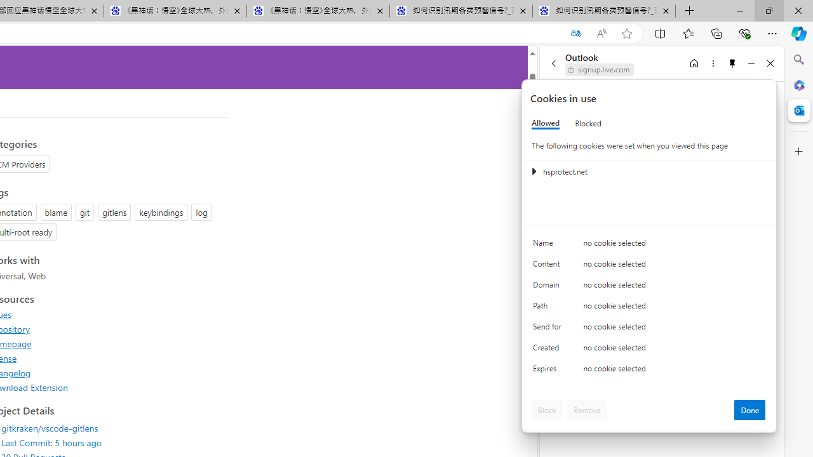 Image resolution: width=813 pixels, height=457 pixels. Describe the element at coordinates (549, 246) in the screenshot. I see `'Name'` at that location.